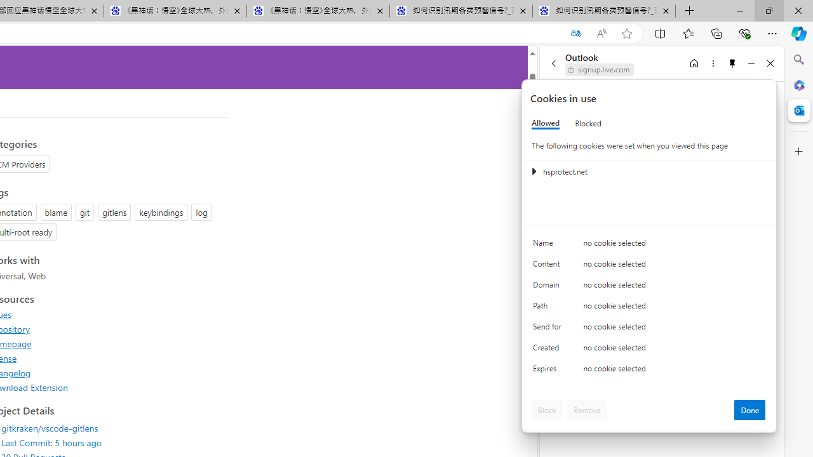 Image resolution: width=813 pixels, height=457 pixels. Describe the element at coordinates (549, 246) in the screenshot. I see `'Name'` at that location.